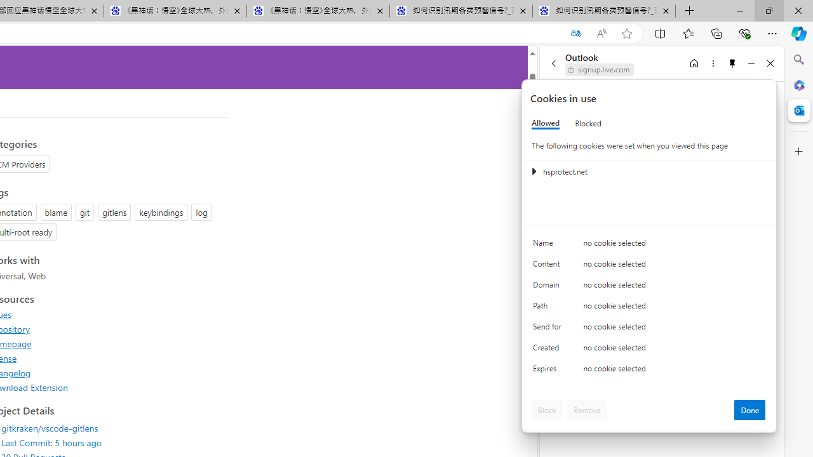 Image resolution: width=813 pixels, height=457 pixels. Describe the element at coordinates (549, 246) in the screenshot. I see `'Name'` at that location.